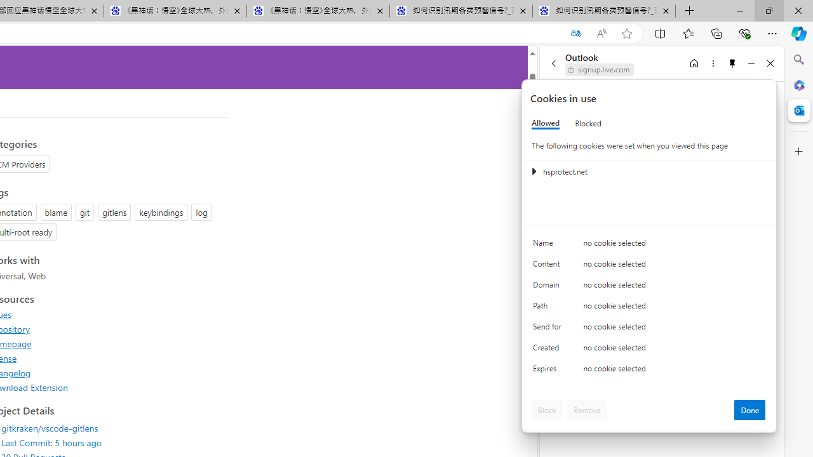 Image resolution: width=813 pixels, height=457 pixels. Describe the element at coordinates (549, 246) in the screenshot. I see `'Name'` at that location.